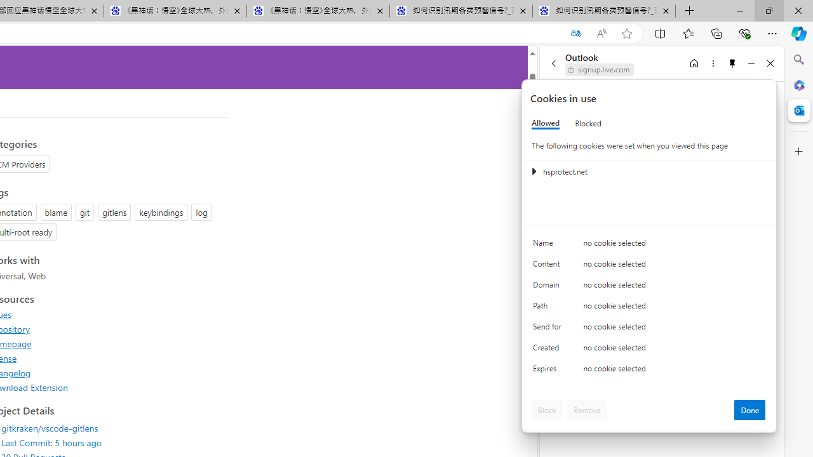 Image resolution: width=813 pixels, height=457 pixels. Describe the element at coordinates (549, 246) in the screenshot. I see `'Name'` at that location.